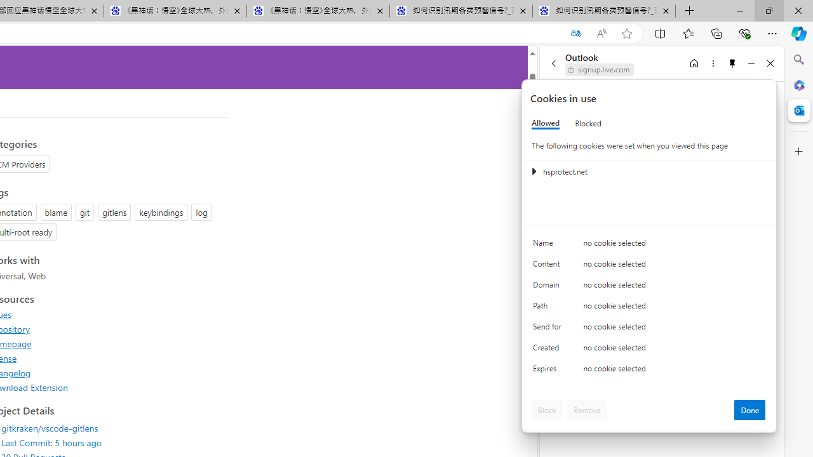 Image resolution: width=813 pixels, height=457 pixels. Describe the element at coordinates (549, 246) in the screenshot. I see `'Name'` at that location.